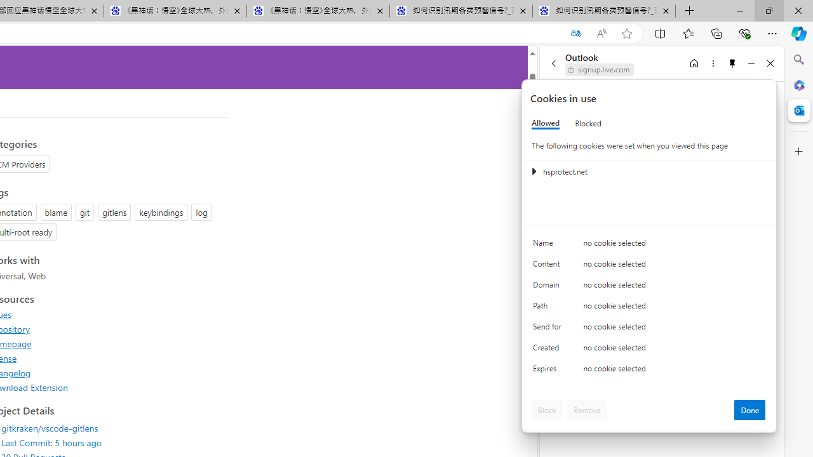 Image resolution: width=813 pixels, height=457 pixels. Describe the element at coordinates (549, 246) in the screenshot. I see `'Name'` at that location.